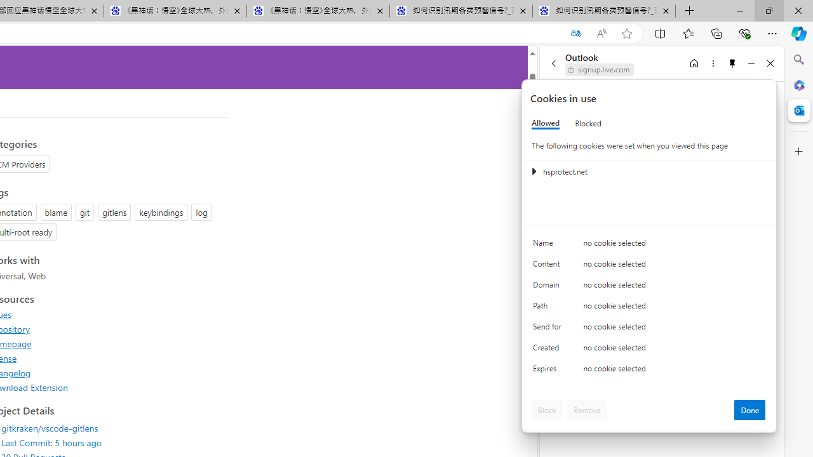 Image resolution: width=813 pixels, height=457 pixels. Describe the element at coordinates (549, 246) in the screenshot. I see `'Name'` at that location.